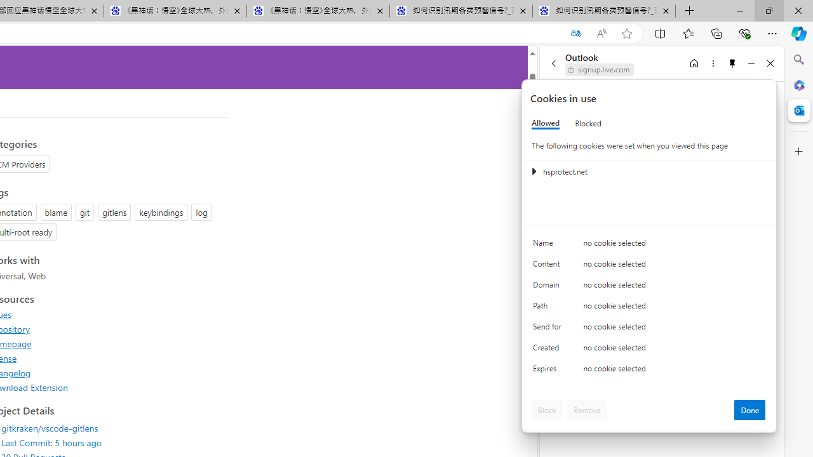 Image resolution: width=813 pixels, height=457 pixels. Describe the element at coordinates (549, 246) in the screenshot. I see `'Name'` at that location.